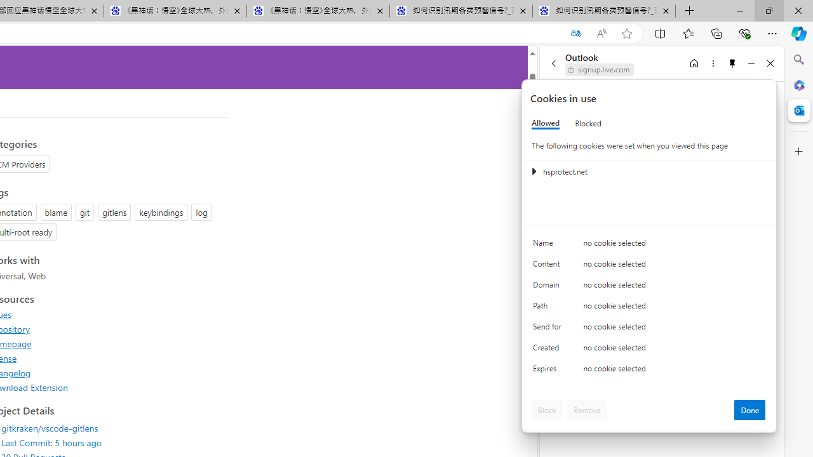 Image resolution: width=813 pixels, height=457 pixels. Describe the element at coordinates (549, 246) in the screenshot. I see `'Name'` at that location.